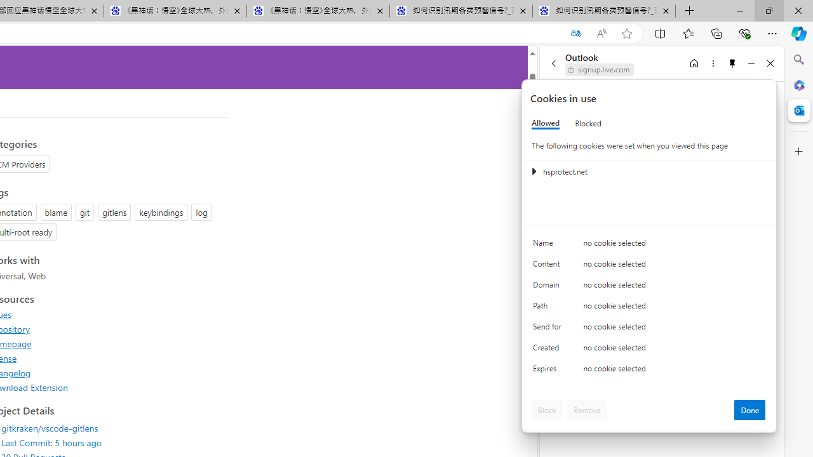 Image resolution: width=813 pixels, height=457 pixels. Describe the element at coordinates (549, 246) in the screenshot. I see `'Name'` at that location.